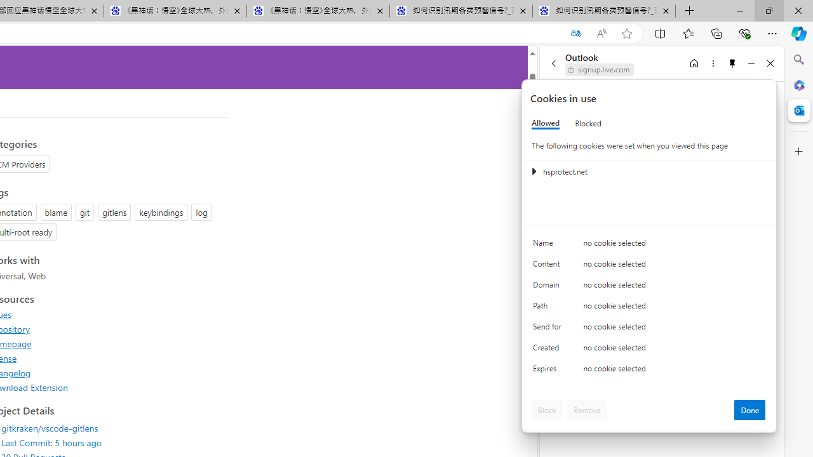 Image resolution: width=813 pixels, height=457 pixels. Describe the element at coordinates (549, 246) in the screenshot. I see `'Name'` at that location.